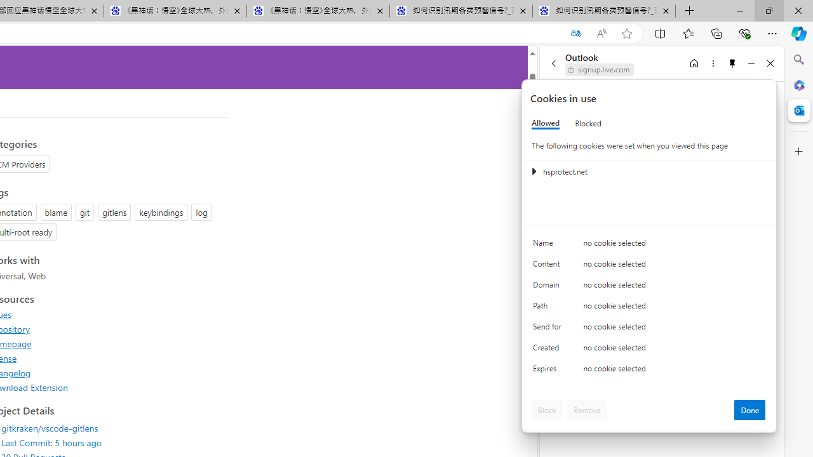 Image resolution: width=813 pixels, height=457 pixels. Describe the element at coordinates (549, 246) in the screenshot. I see `'Name'` at that location.